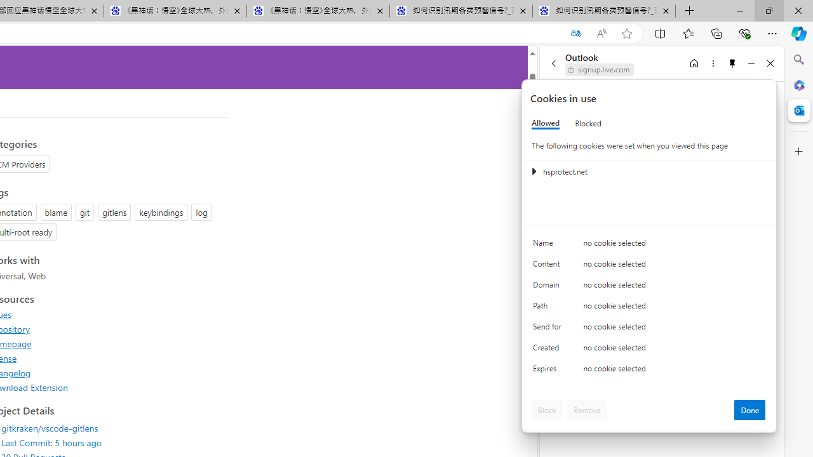 Image resolution: width=813 pixels, height=457 pixels. Describe the element at coordinates (549, 246) in the screenshot. I see `'Name'` at that location.